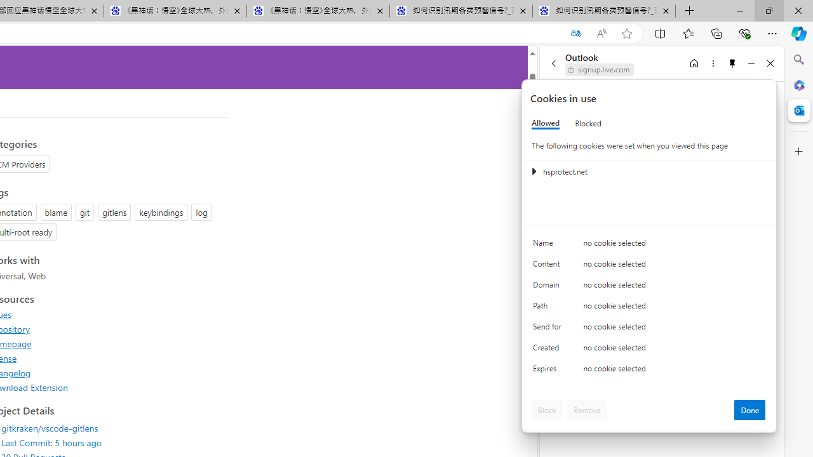 Image resolution: width=813 pixels, height=457 pixels. Describe the element at coordinates (549, 246) in the screenshot. I see `'Name'` at that location.